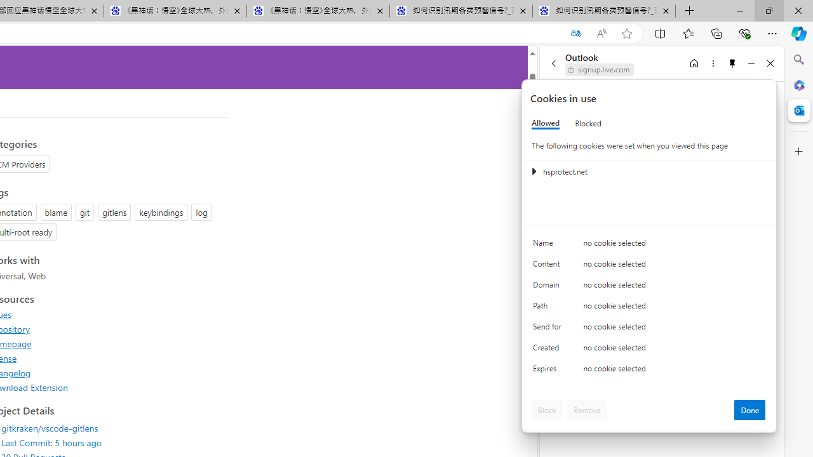 Image resolution: width=813 pixels, height=457 pixels. Describe the element at coordinates (549, 246) in the screenshot. I see `'Name'` at that location.